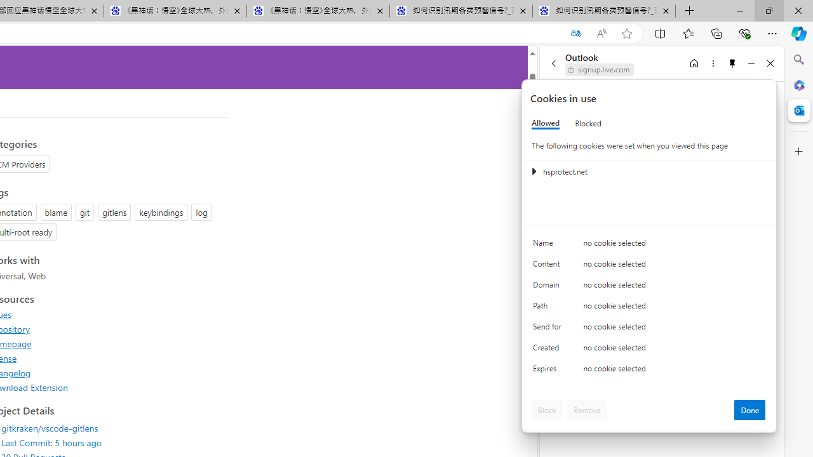 Image resolution: width=813 pixels, height=457 pixels. Describe the element at coordinates (549, 246) in the screenshot. I see `'Name'` at that location.